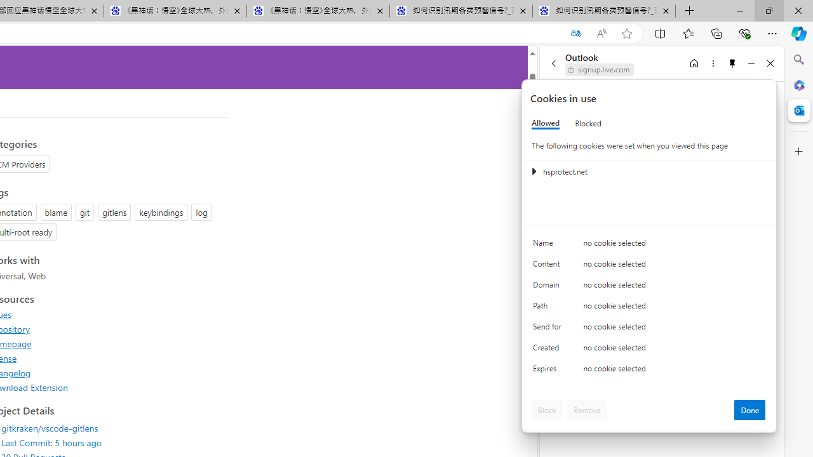 Image resolution: width=813 pixels, height=457 pixels. Describe the element at coordinates (549, 246) in the screenshot. I see `'Name'` at that location.